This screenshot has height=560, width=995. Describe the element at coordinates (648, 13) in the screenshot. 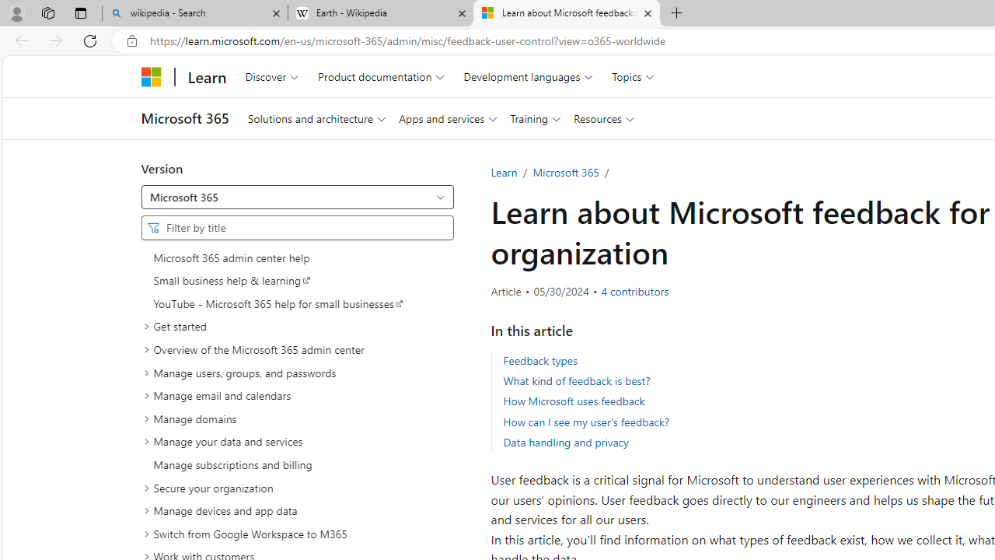

I see `'Close tab'` at that location.